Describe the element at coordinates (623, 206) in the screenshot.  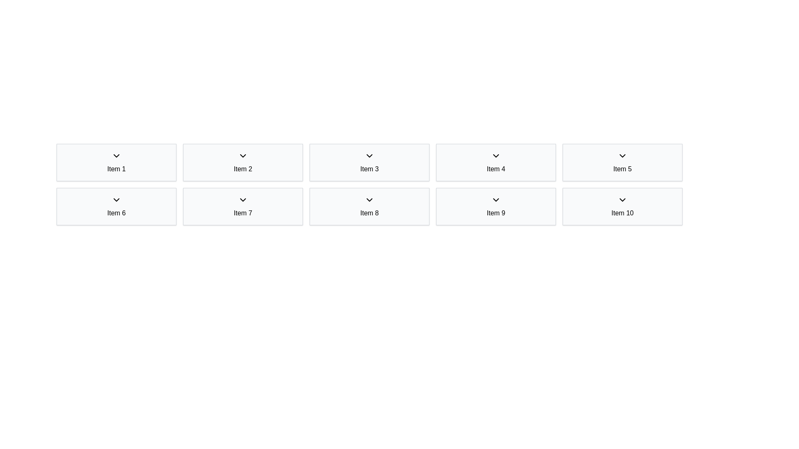
I see `interactive card representing 'Item 10', located in the second row and fifth column of the grid layout` at that location.